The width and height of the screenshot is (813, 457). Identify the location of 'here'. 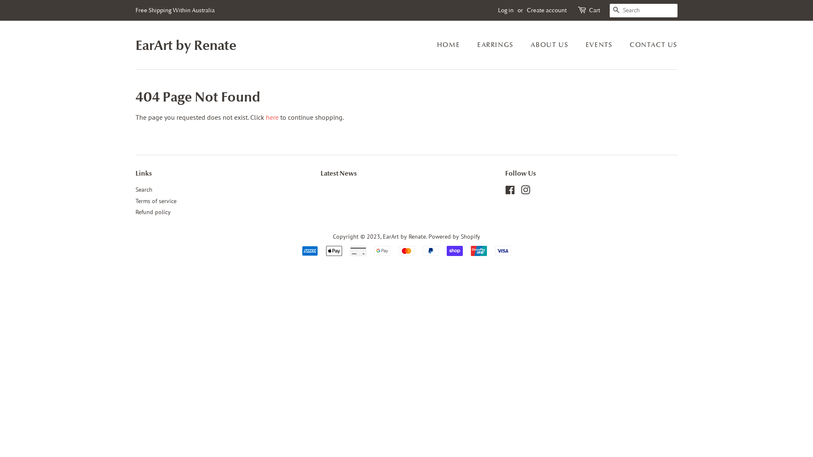
(272, 117).